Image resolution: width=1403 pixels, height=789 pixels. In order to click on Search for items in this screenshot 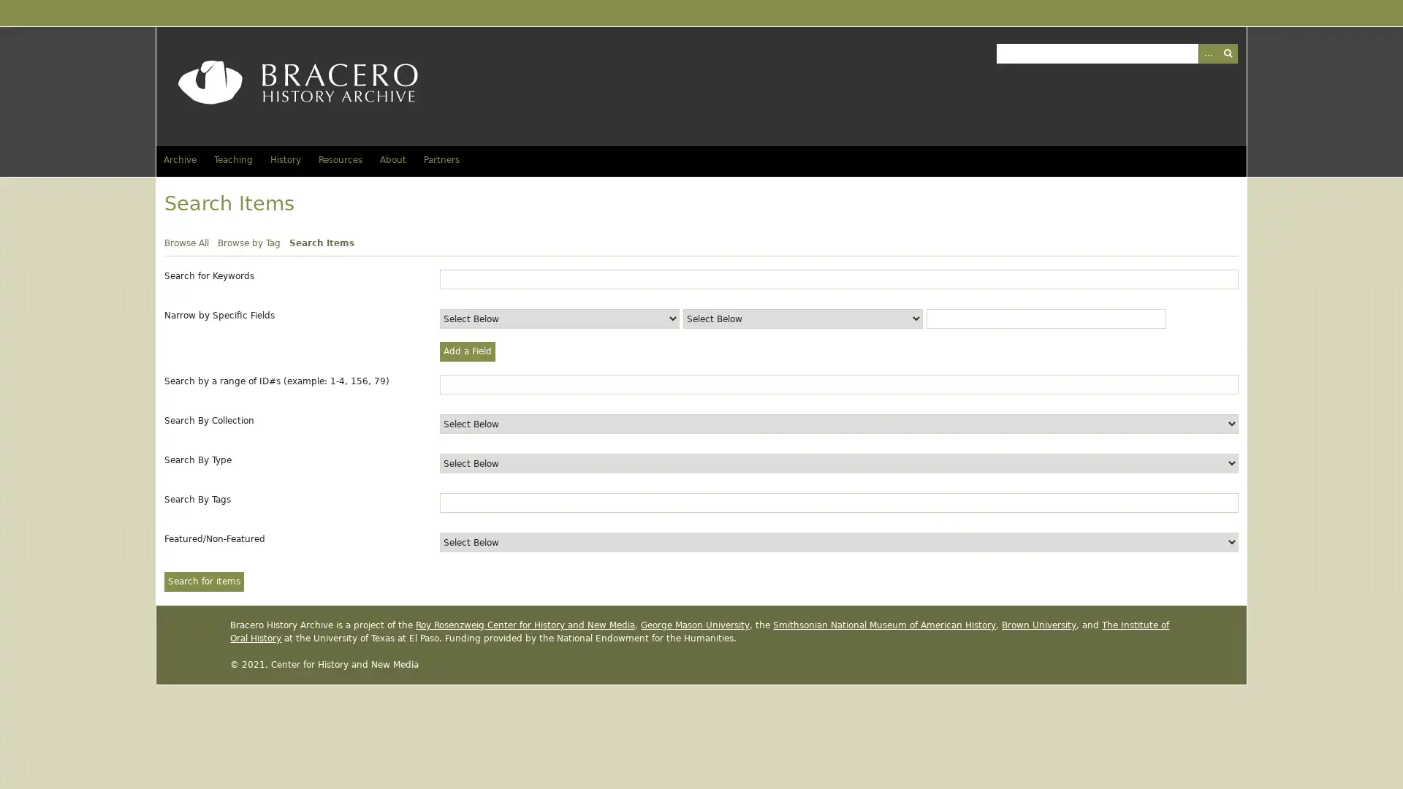, I will do `click(203, 581)`.